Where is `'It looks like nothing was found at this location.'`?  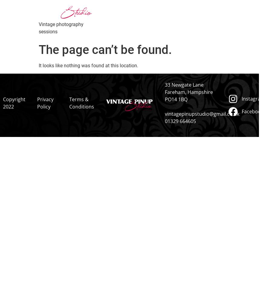
'It looks like nothing was found at this location.' is located at coordinates (38, 65).